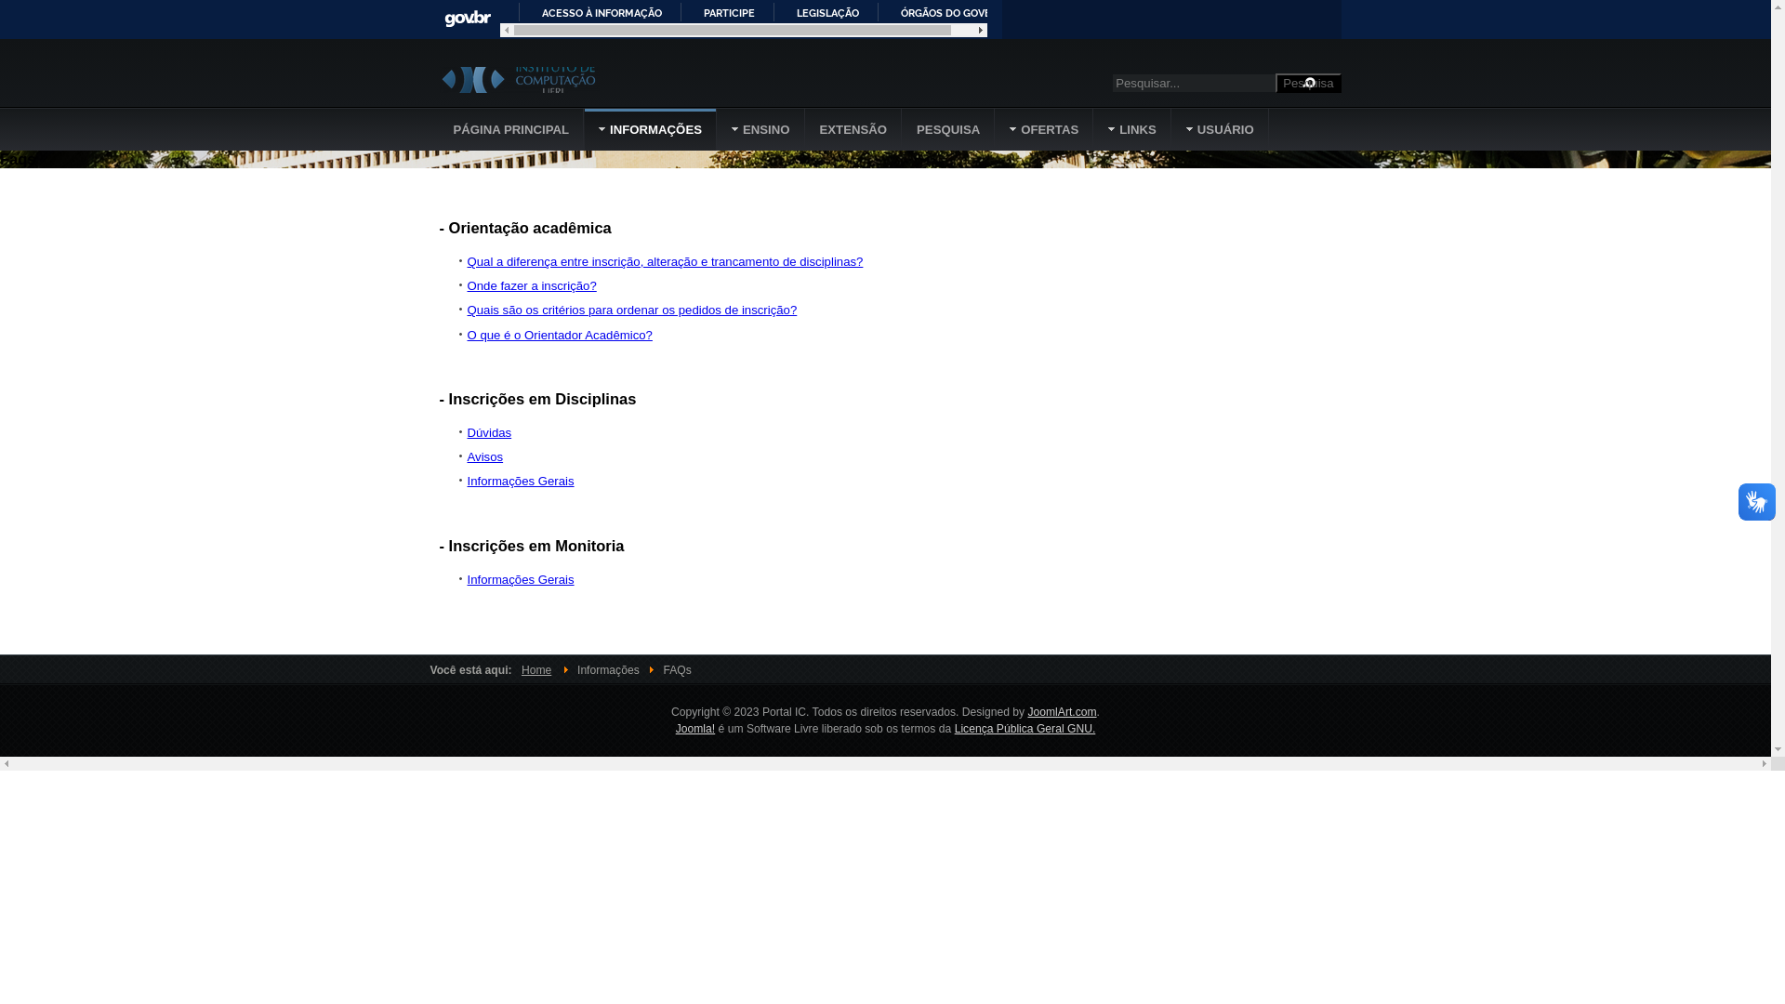 The width and height of the screenshot is (1785, 1004). I want to click on 'Pesquisa', so click(1306, 82).